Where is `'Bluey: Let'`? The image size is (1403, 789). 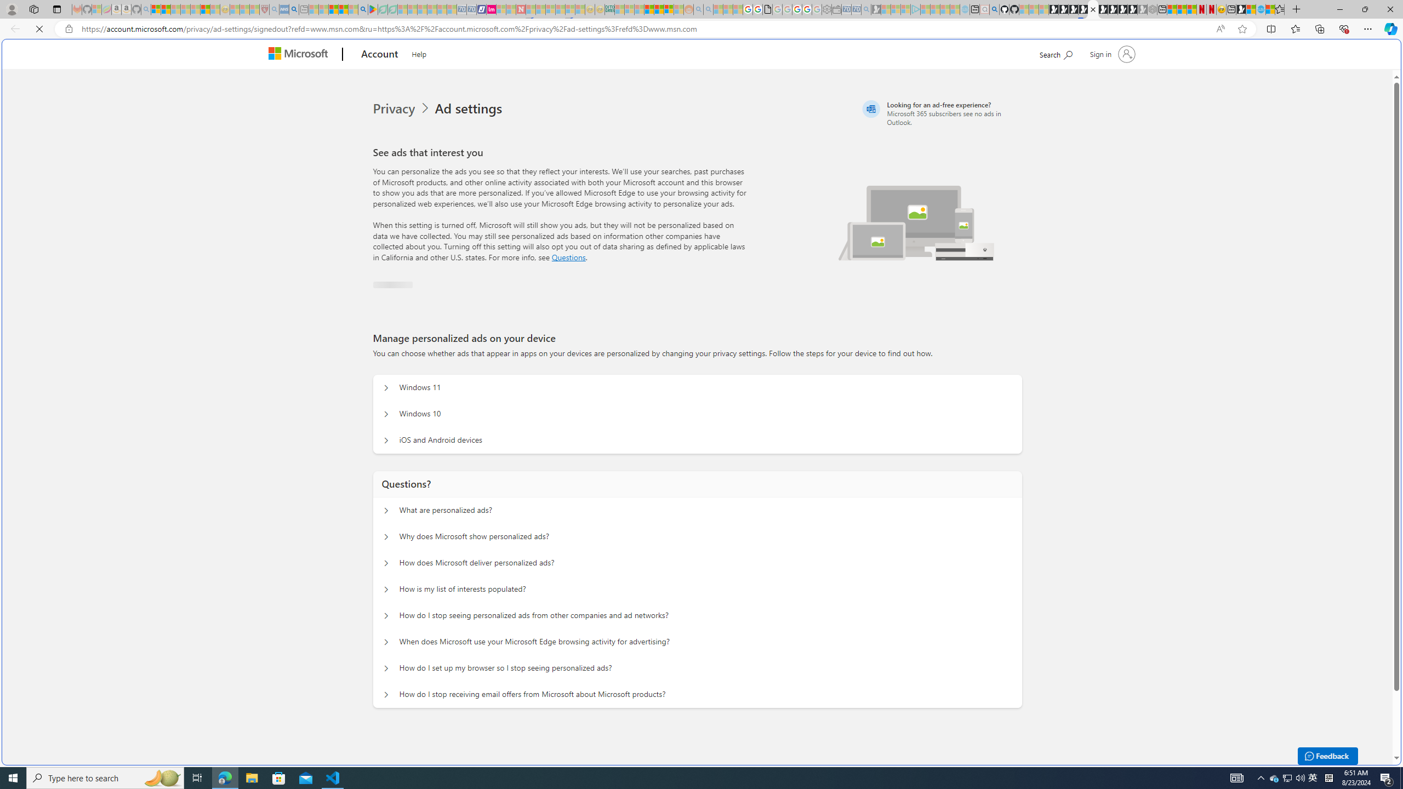
'Bluey: Let' is located at coordinates (373, 9).